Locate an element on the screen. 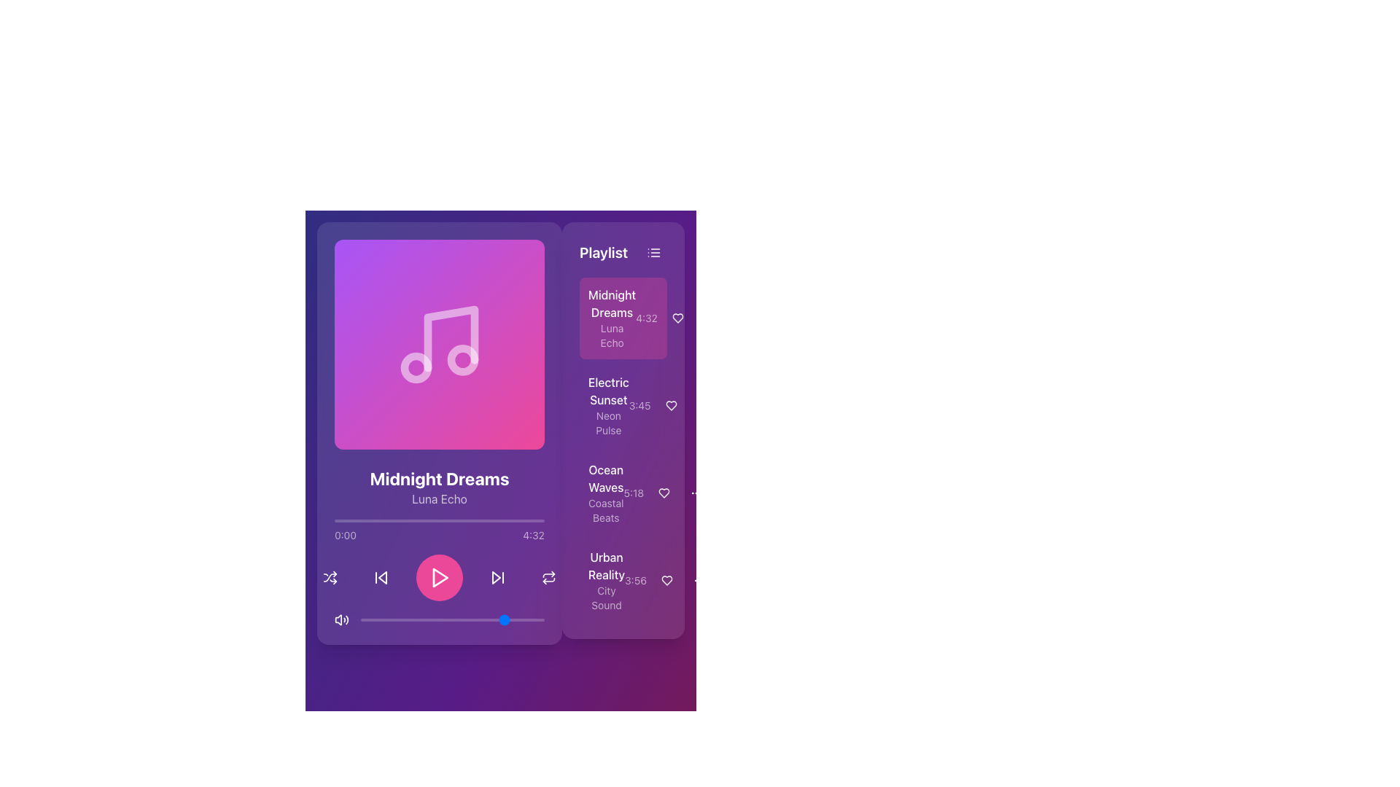  the circular button with three vertical dots in the 'Playlist' panel is located at coordinates (703, 405).